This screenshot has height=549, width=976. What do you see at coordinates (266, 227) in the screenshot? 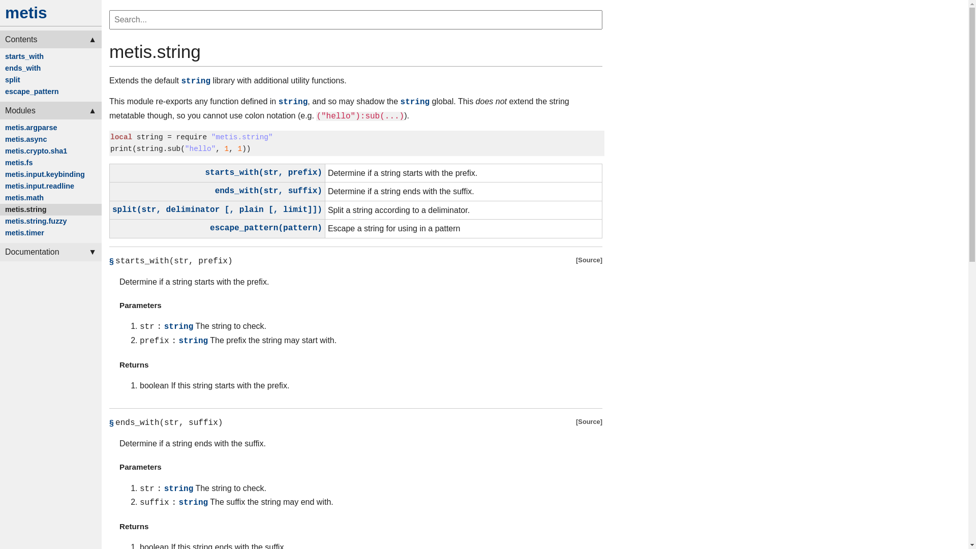
I see `'escape_pattern(pattern)'` at bounding box center [266, 227].